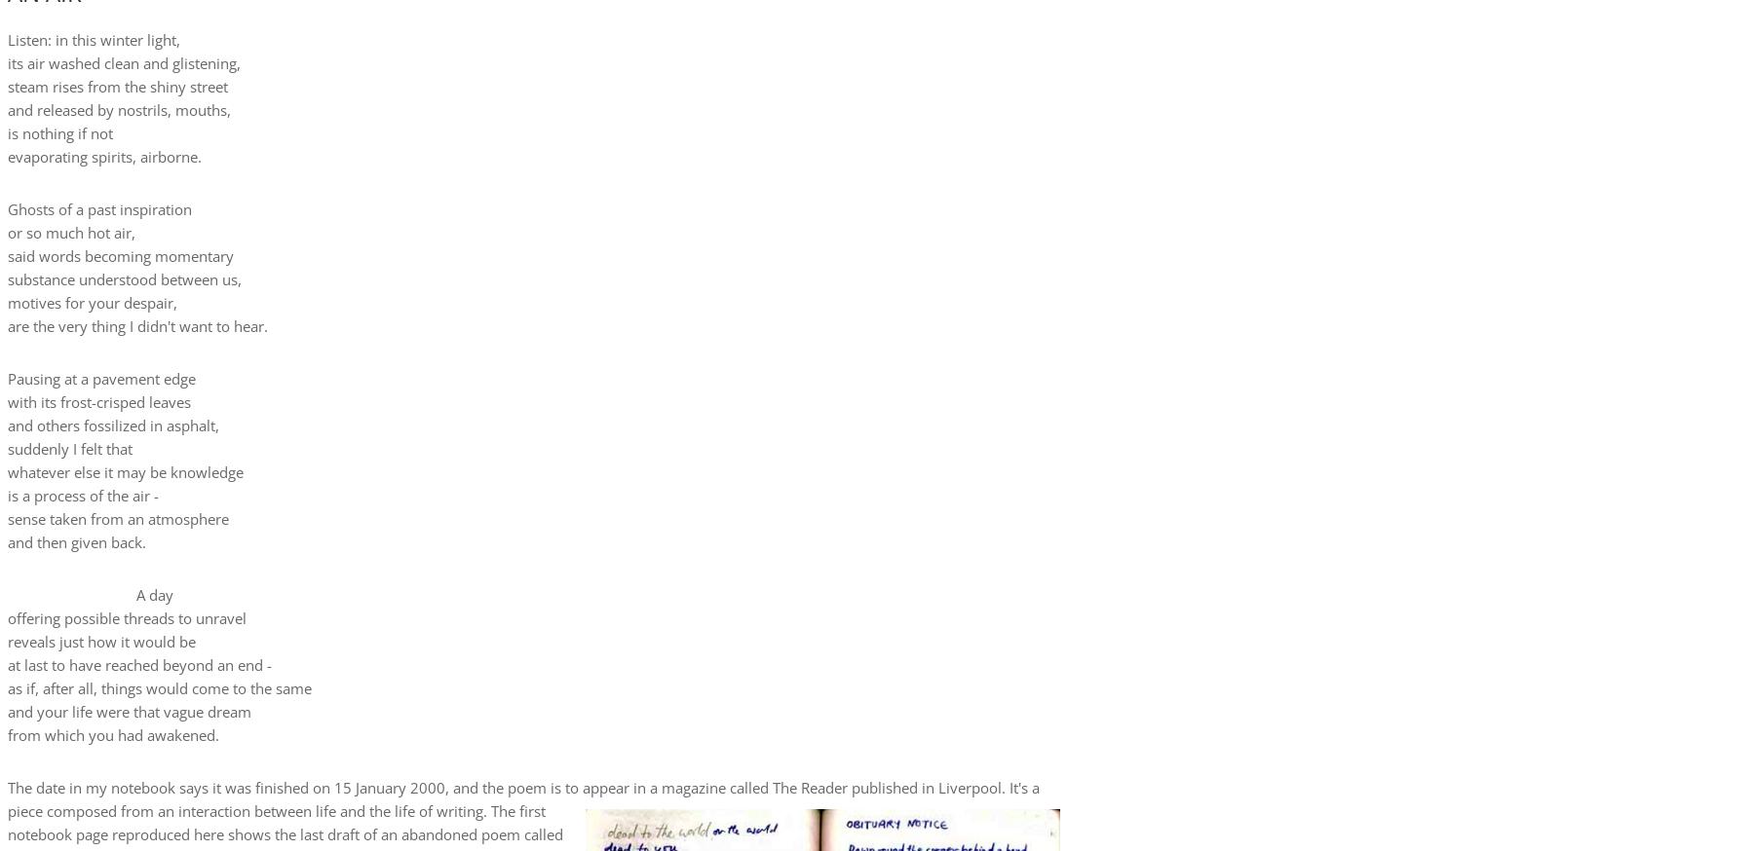  Describe the element at coordinates (113, 425) in the screenshot. I see `'and others fossilized in asphalt,'` at that location.